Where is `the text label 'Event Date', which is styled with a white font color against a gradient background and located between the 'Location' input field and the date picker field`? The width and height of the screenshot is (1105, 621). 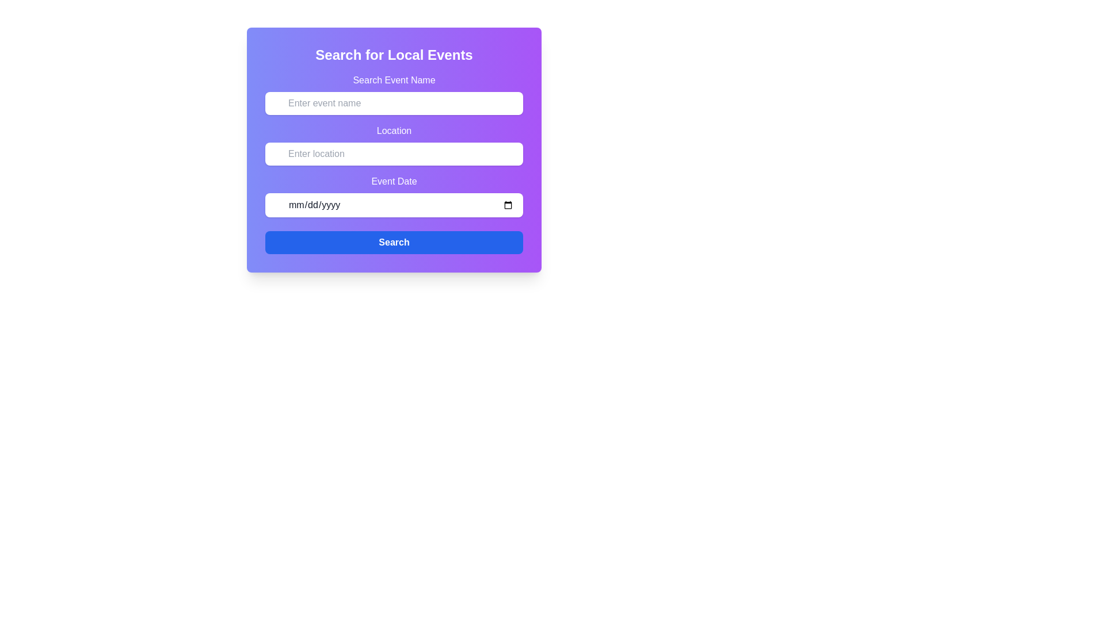 the text label 'Event Date', which is styled with a white font color against a gradient background and located between the 'Location' input field and the date picker field is located at coordinates (394, 181).